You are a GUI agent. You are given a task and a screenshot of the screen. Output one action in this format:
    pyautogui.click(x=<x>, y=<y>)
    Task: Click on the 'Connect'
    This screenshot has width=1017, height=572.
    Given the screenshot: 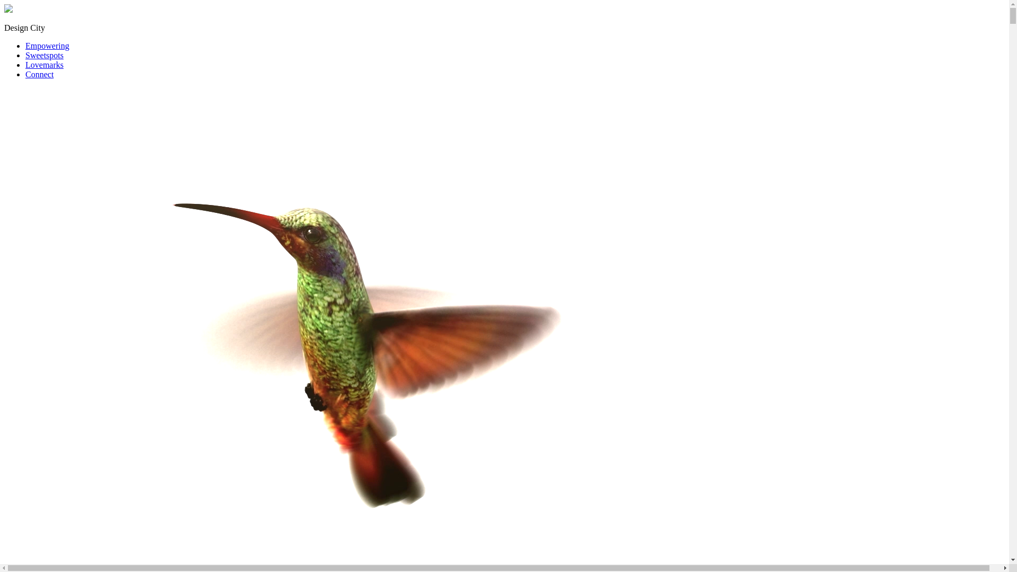 What is the action you would take?
    pyautogui.click(x=39, y=74)
    